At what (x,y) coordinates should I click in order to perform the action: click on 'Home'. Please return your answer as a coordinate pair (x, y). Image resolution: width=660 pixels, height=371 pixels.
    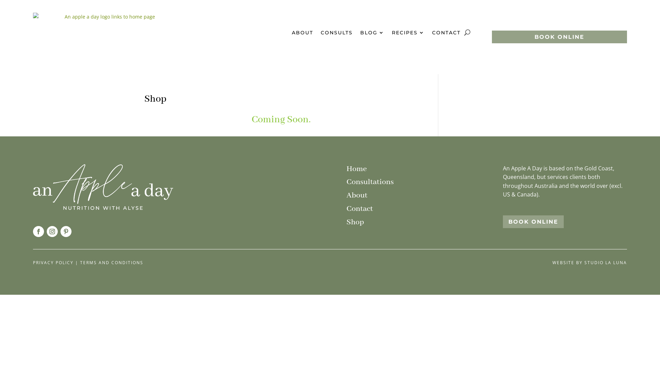
    Looking at the image, I should click on (346, 169).